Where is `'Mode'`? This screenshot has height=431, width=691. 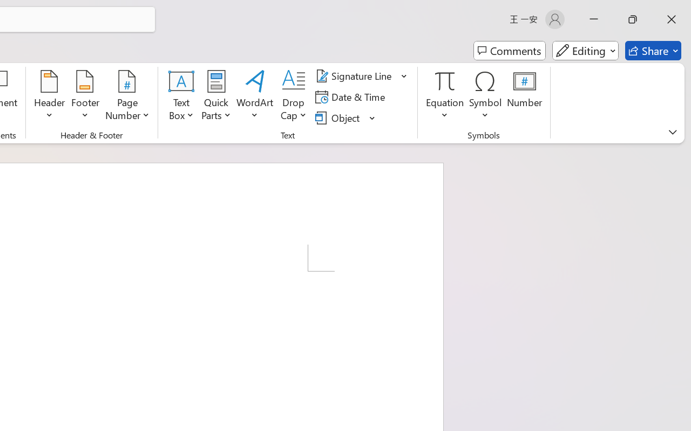 'Mode' is located at coordinates (585, 51).